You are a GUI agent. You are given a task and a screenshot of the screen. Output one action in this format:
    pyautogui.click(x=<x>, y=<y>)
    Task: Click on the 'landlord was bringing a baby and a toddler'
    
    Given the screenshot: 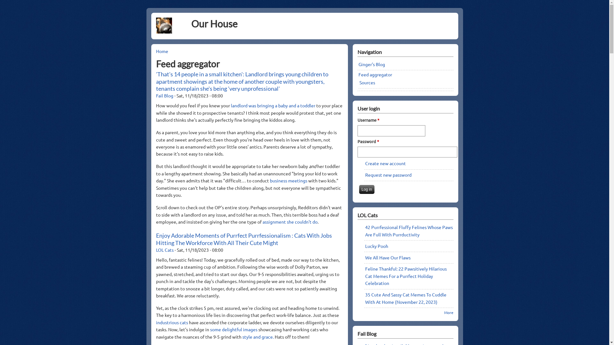 What is the action you would take?
    pyautogui.click(x=273, y=105)
    